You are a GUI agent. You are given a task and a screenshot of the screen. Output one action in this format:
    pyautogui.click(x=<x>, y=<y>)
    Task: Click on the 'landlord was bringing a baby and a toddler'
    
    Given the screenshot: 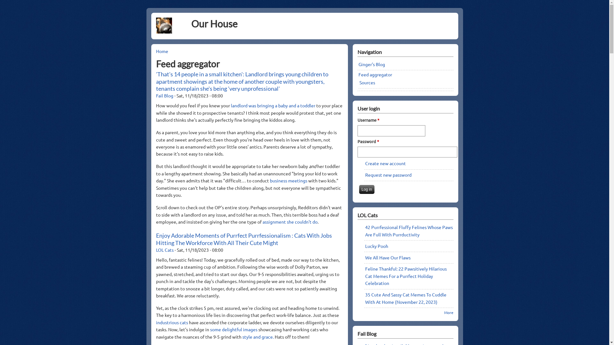 What is the action you would take?
    pyautogui.click(x=273, y=105)
    